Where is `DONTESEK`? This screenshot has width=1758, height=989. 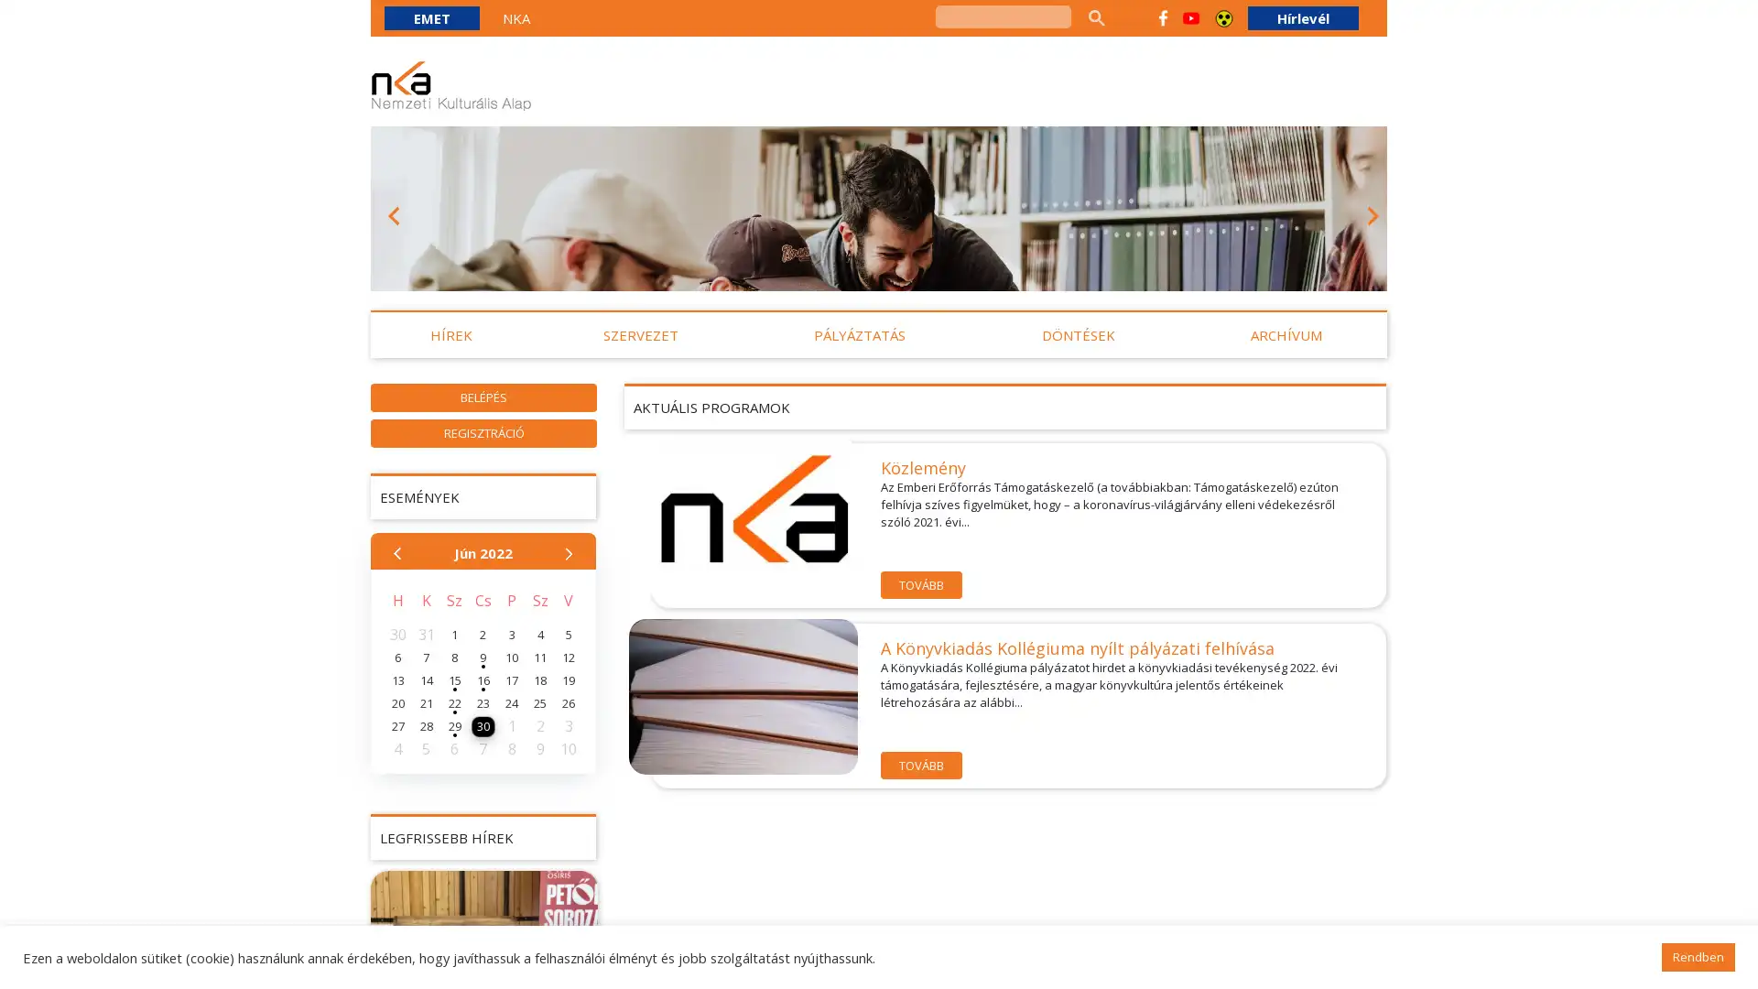
DONTESEK is located at coordinates (1077, 335).